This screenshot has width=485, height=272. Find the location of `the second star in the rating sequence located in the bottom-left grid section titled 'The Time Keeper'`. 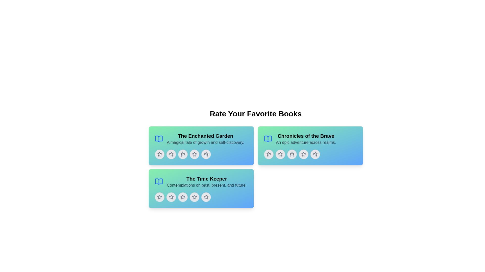

the second star in the rating sequence located in the bottom-left grid section titled 'The Time Keeper' is located at coordinates (182, 197).